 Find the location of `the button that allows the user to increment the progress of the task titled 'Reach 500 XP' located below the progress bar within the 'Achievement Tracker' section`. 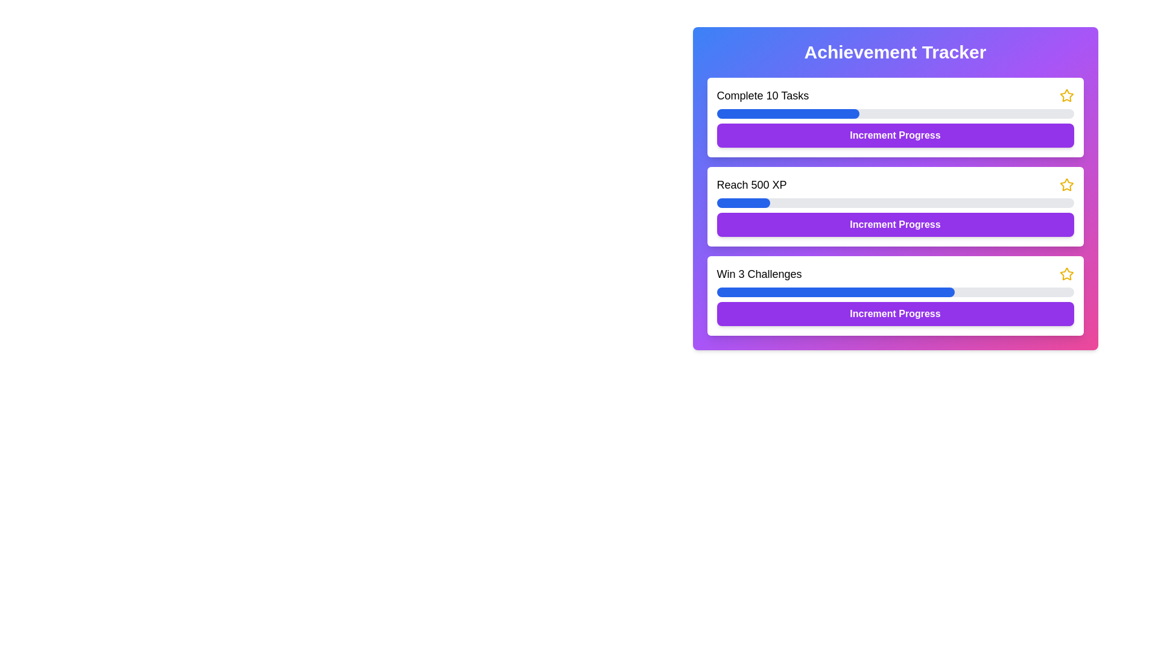

the button that allows the user to increment the progress of the task titled 'Reach 500 XP' located below the progress bar within the 'Achievement Tracker' section is located at coordinates (895, 225).